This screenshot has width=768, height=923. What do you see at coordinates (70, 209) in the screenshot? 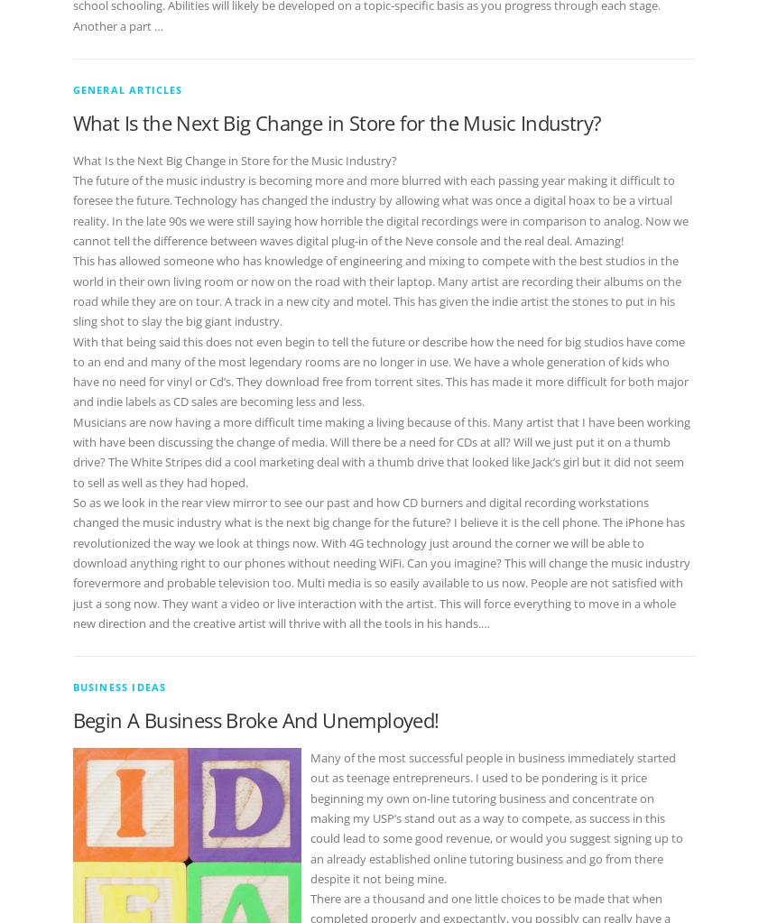
I see `'The future of the music industry is becoming more and more blurred with each passing year making it difficult to foresee the future.  Technology has changed the industry by allowing what was once a digital hoax to be a virtual reality.  In the late 90s we were still saying how horrible the digital recordings were in comparison to analog.  Now we cannot tell the difference between waves digital plug-in of the Neve console and the real deal.  Amazing!'` at bounding box center [70, 209].